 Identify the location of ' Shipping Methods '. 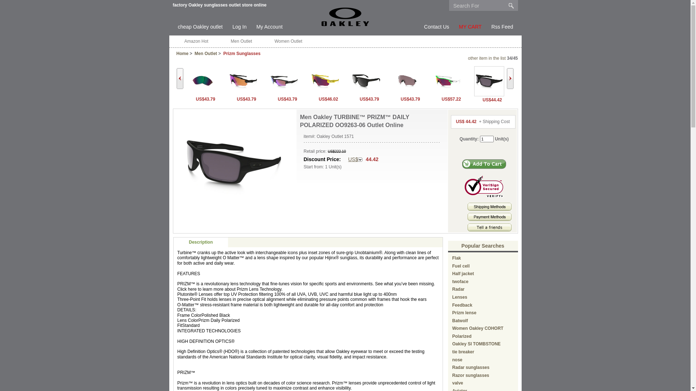
(489, 206).